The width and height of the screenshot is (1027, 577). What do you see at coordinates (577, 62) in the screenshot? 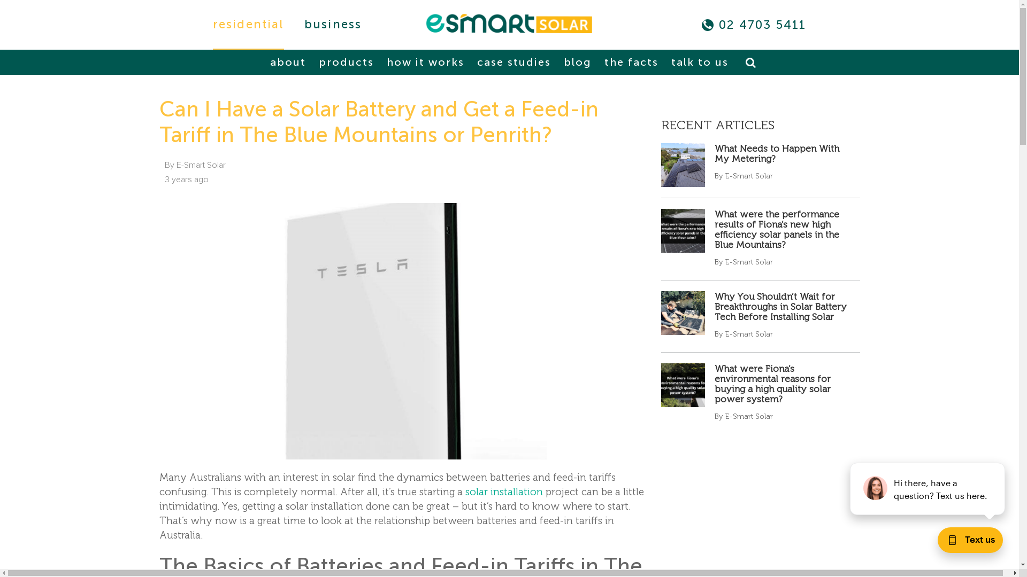
I see `'blog'` at bounding box center [577, 62].